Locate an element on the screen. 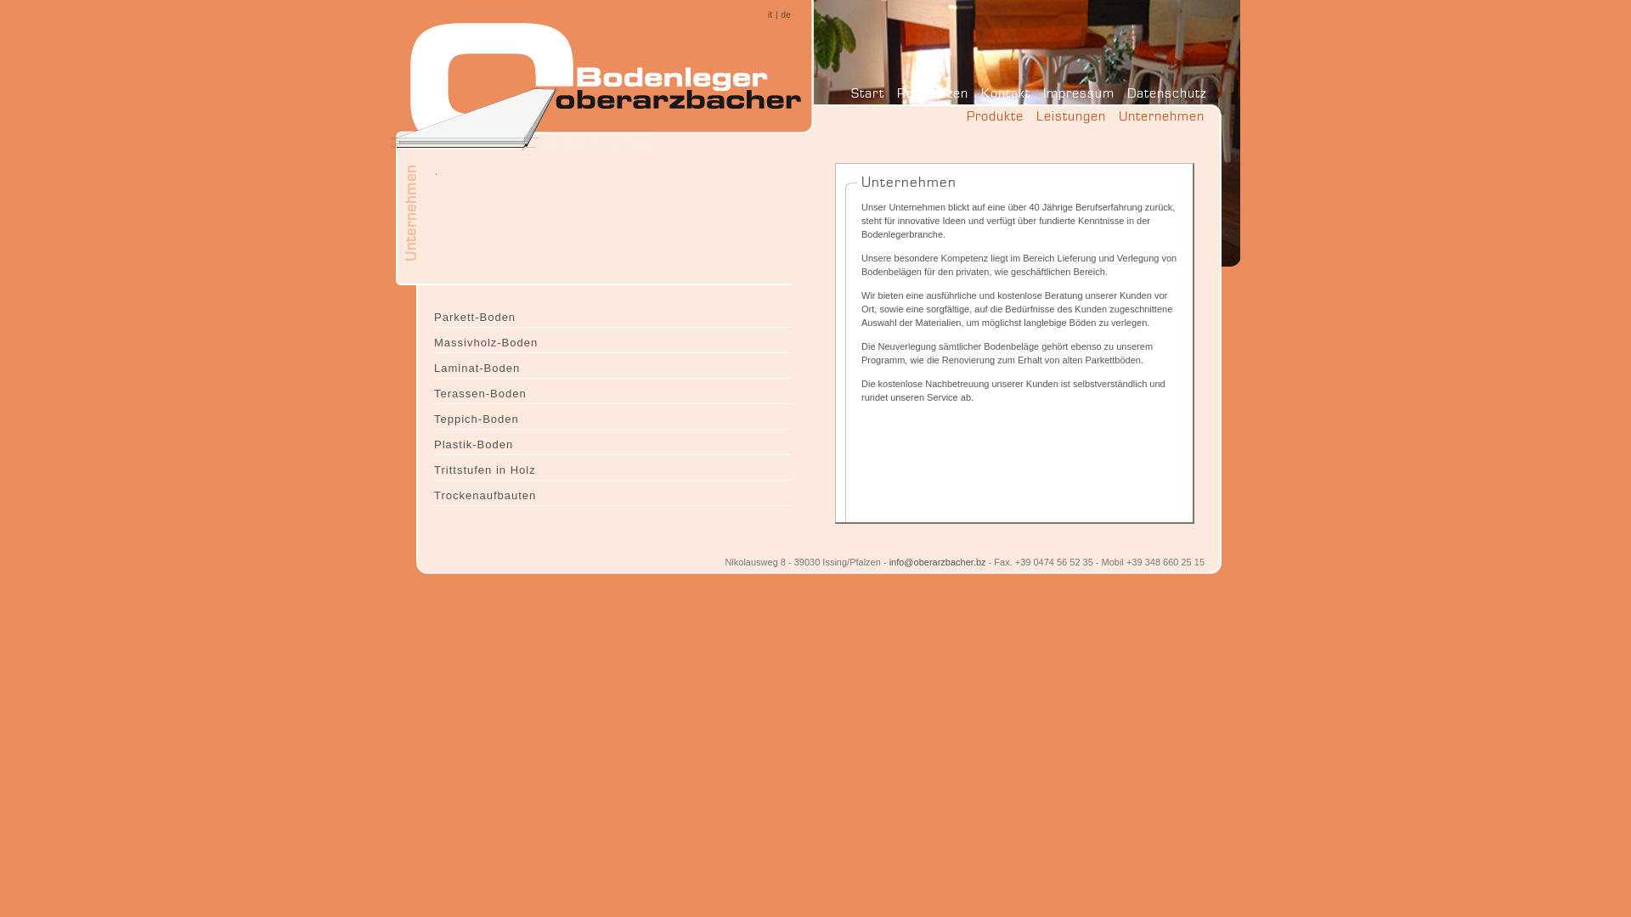 The height and width of the screenshot is (917, 1631). 'Trittstufen in Holz' is located at coordinates (612, 468).